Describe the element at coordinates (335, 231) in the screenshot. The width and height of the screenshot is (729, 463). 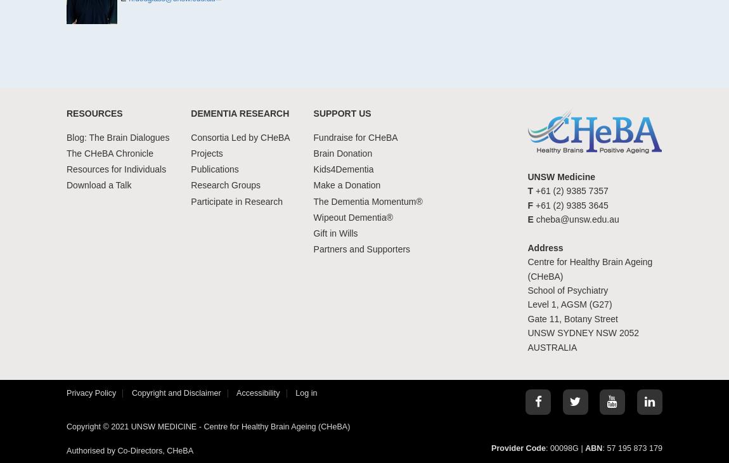
I see `'Gift in Wills'` at that location.